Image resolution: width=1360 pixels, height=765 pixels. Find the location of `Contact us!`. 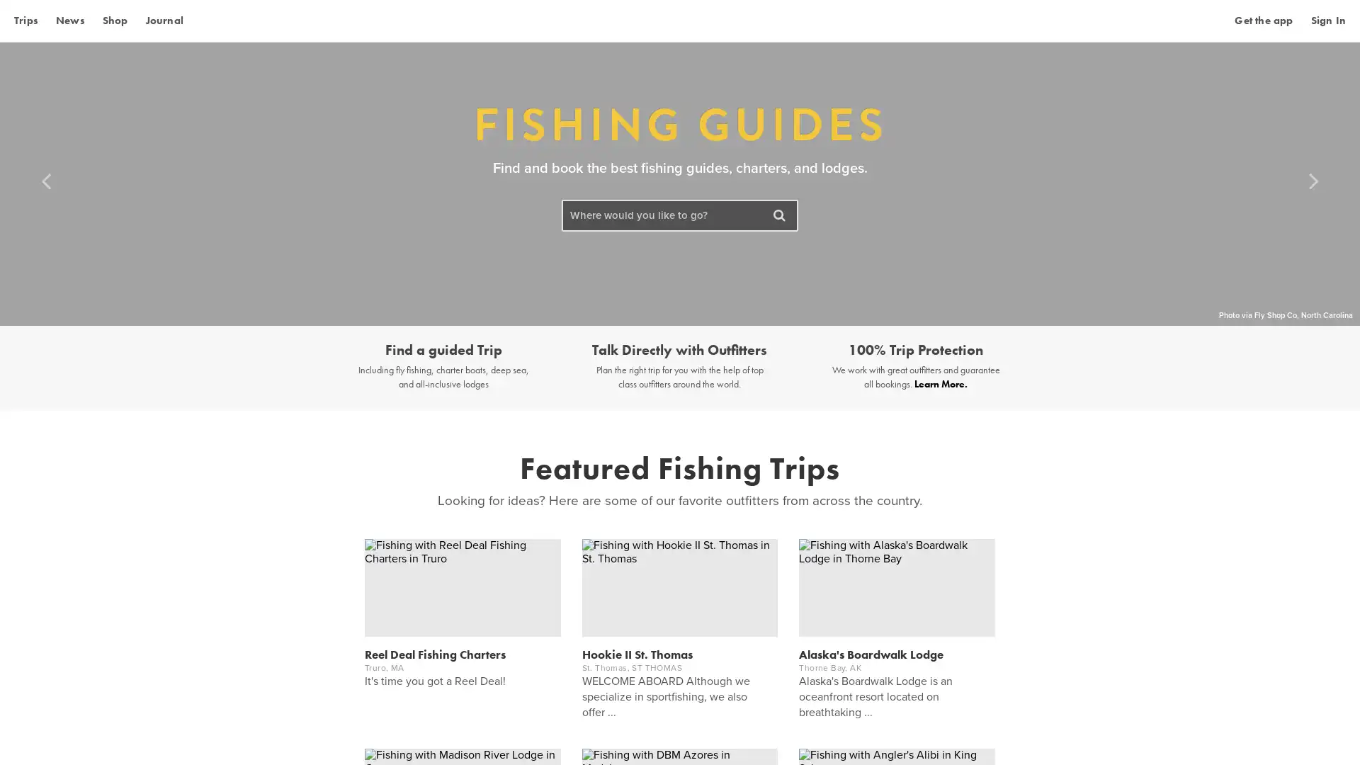

Contact us! is located at coordinates (1288, 732).